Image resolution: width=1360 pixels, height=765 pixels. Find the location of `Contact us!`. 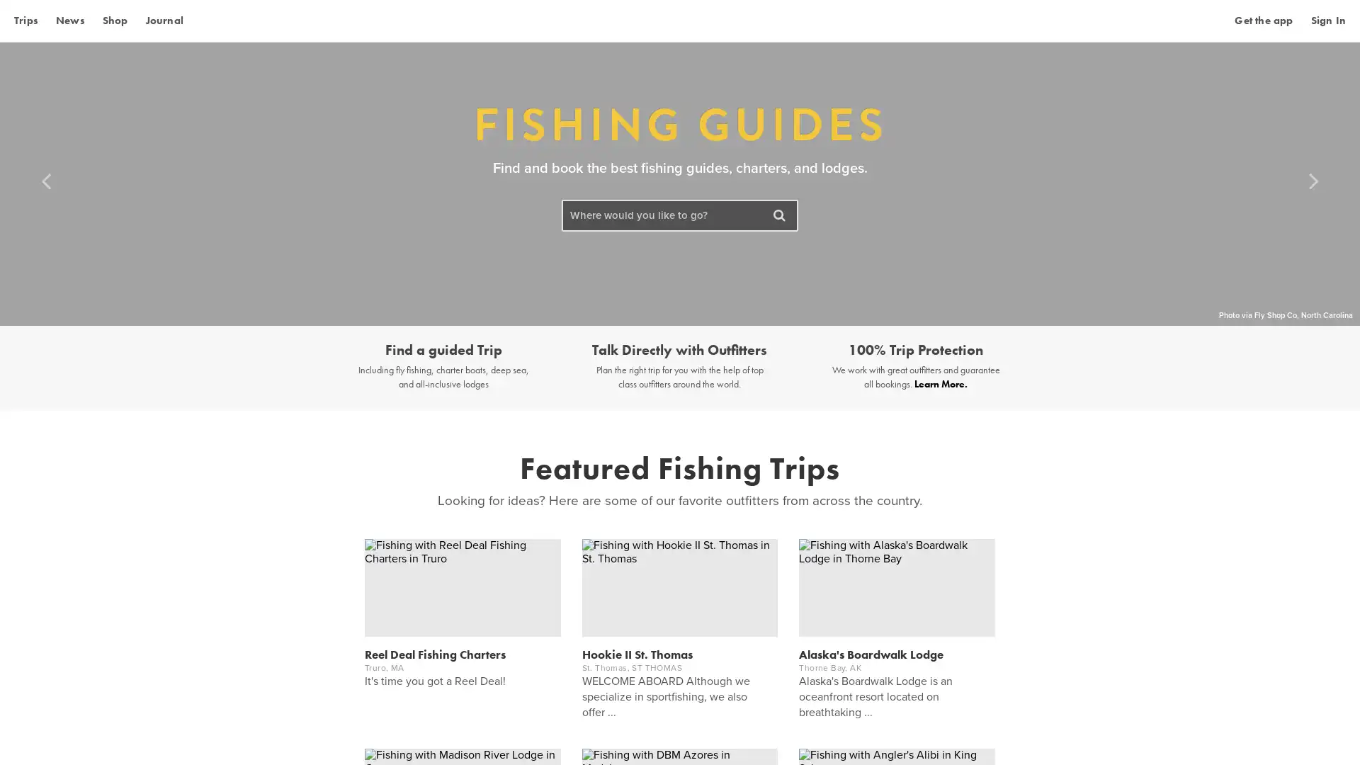

Contact us! is located at coordinates (1288, 732).